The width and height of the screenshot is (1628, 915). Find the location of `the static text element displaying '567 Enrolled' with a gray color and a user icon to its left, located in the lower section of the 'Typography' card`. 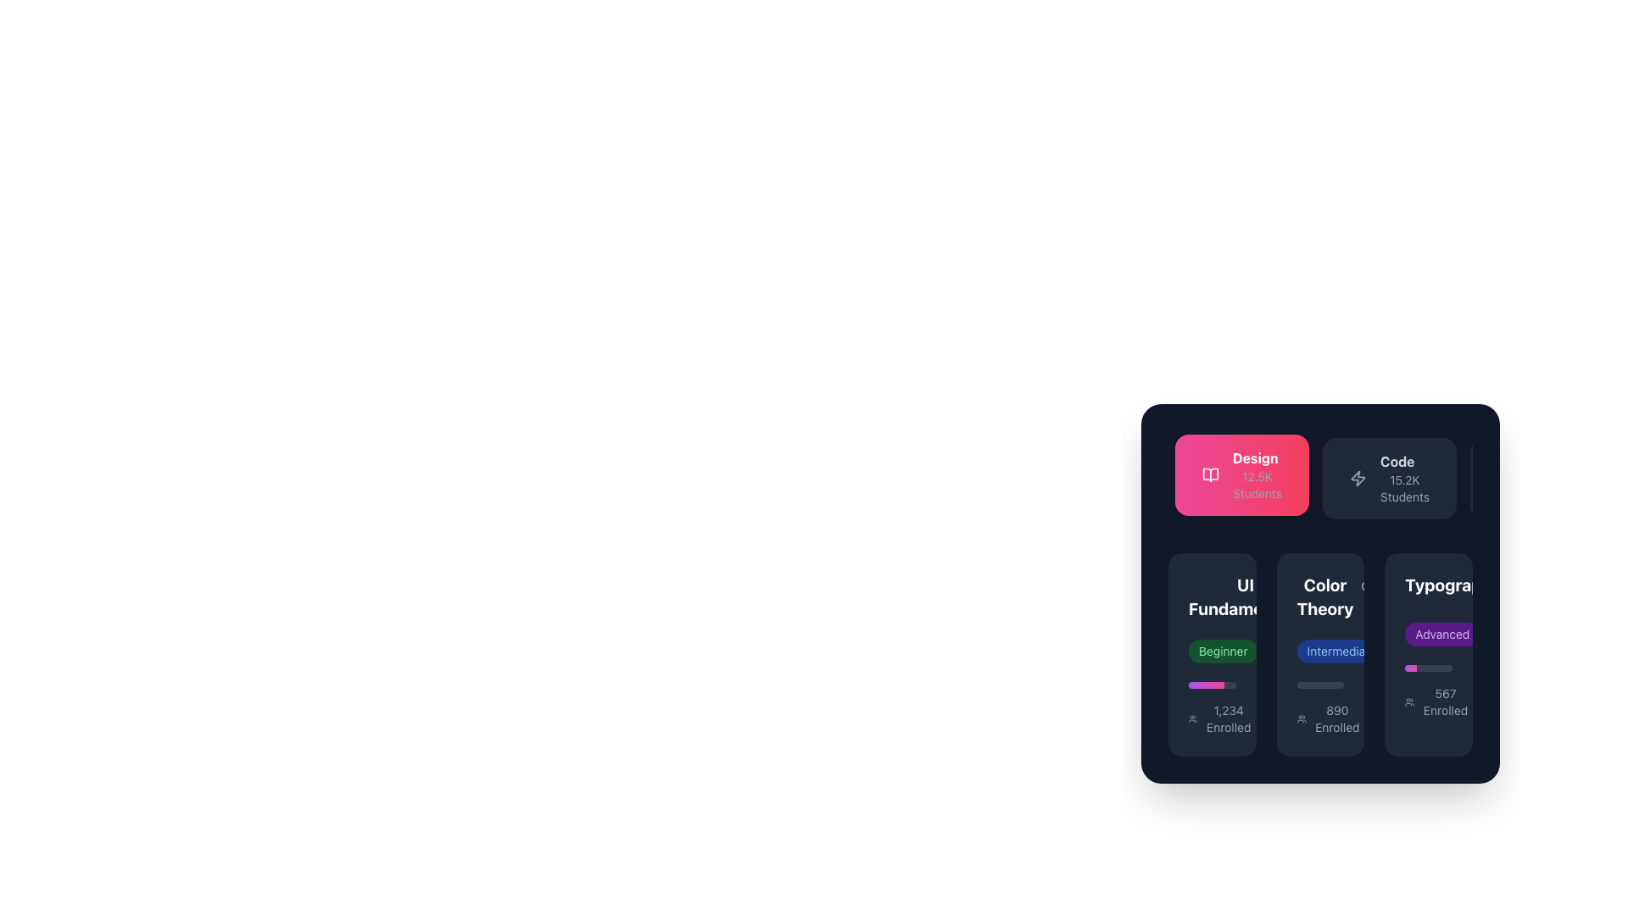

the static text element displaying '567 Enrolled' with a gray color and a user icon to its left, located in the lower section of the 'Typography' card is located at coordinates (1428, 702).